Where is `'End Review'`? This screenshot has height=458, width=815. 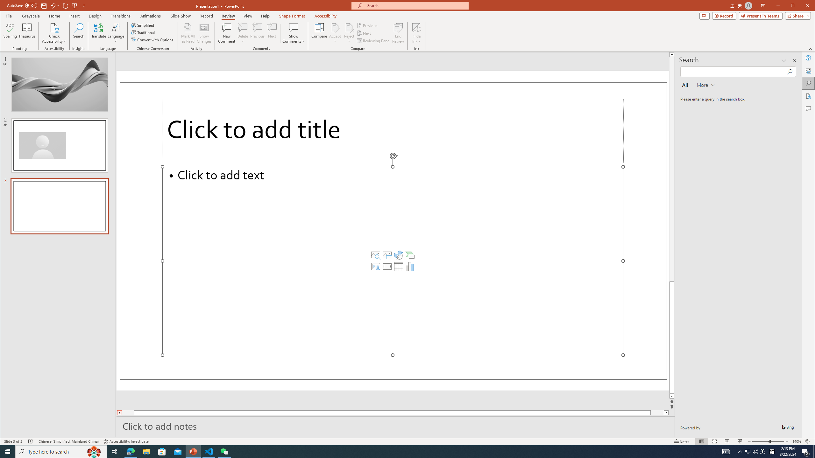
'End Review' is located at coordinates (398, 33).